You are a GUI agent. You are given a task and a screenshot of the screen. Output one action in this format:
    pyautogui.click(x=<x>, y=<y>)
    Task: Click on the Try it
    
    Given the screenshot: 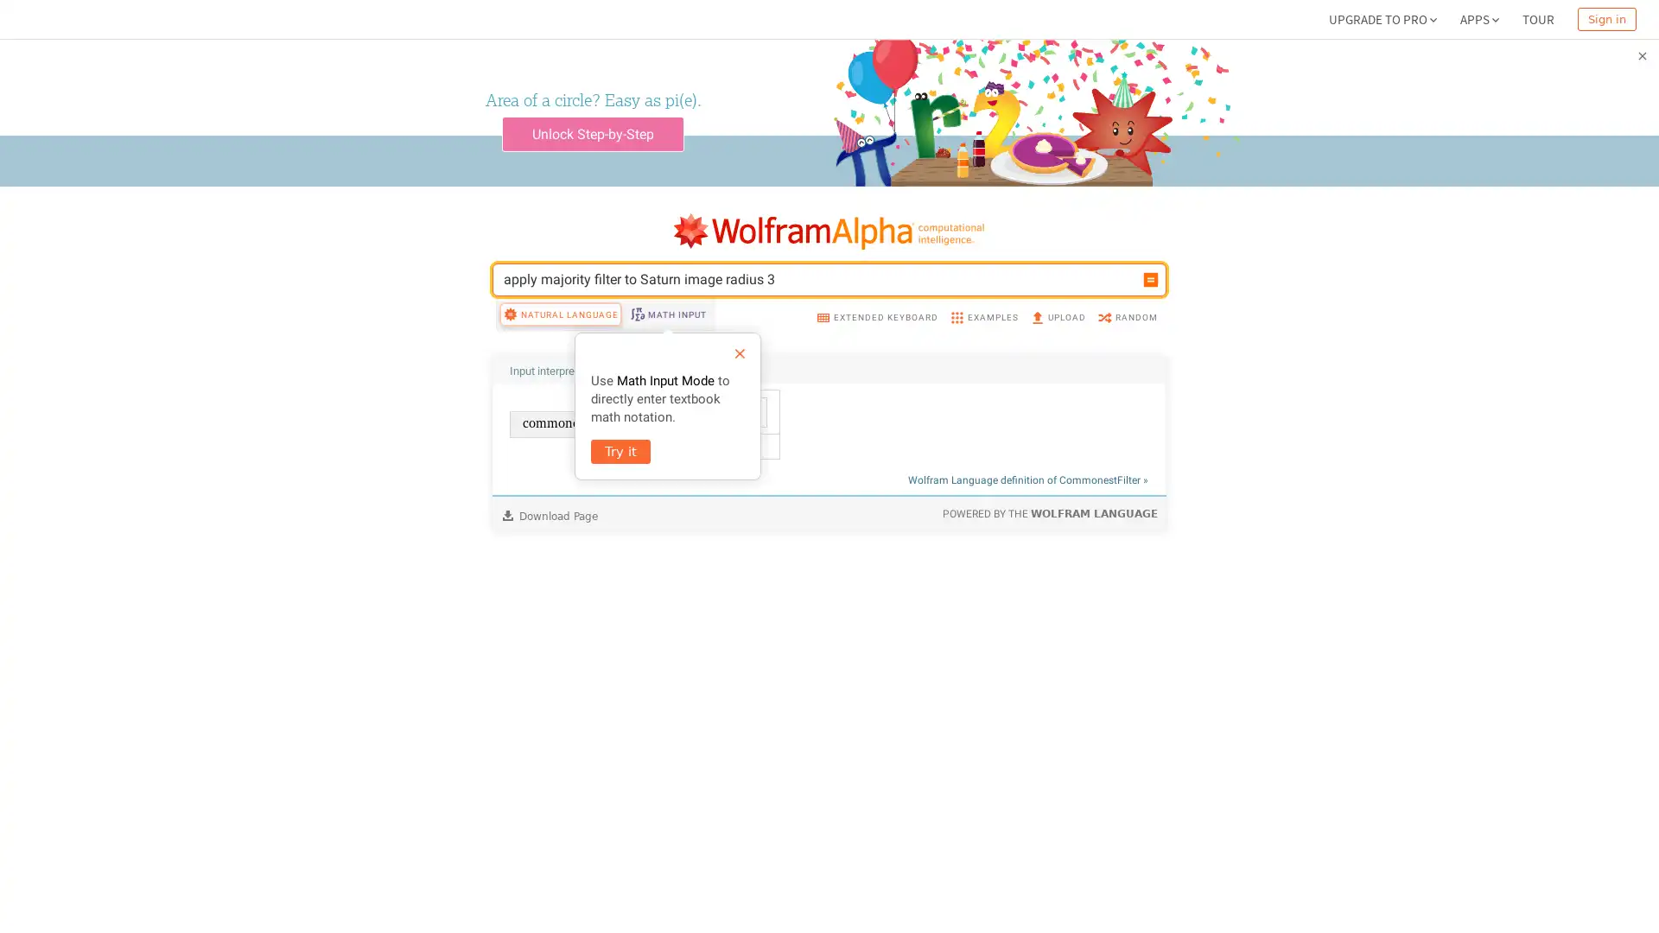 What is the action you would take?
    pyautogui.click(x=620, y=486)
    